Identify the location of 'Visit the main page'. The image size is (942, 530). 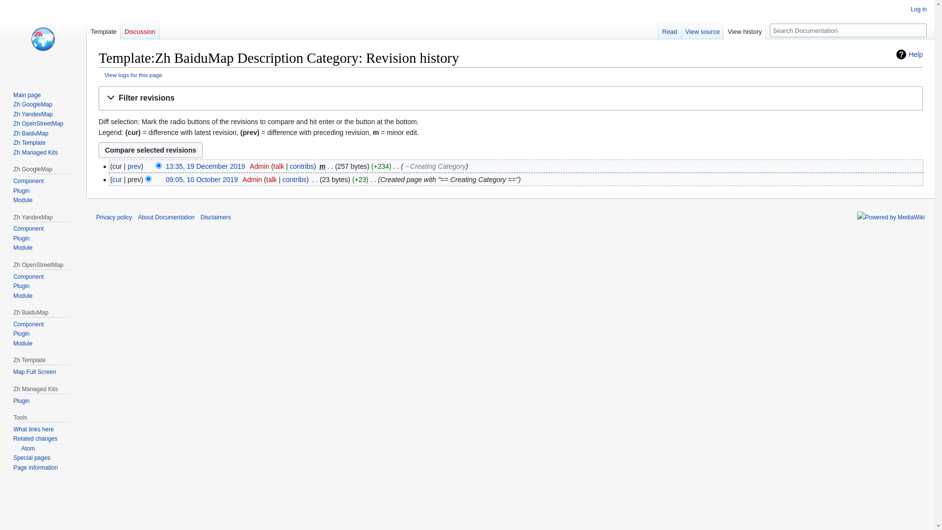
(42, 39).